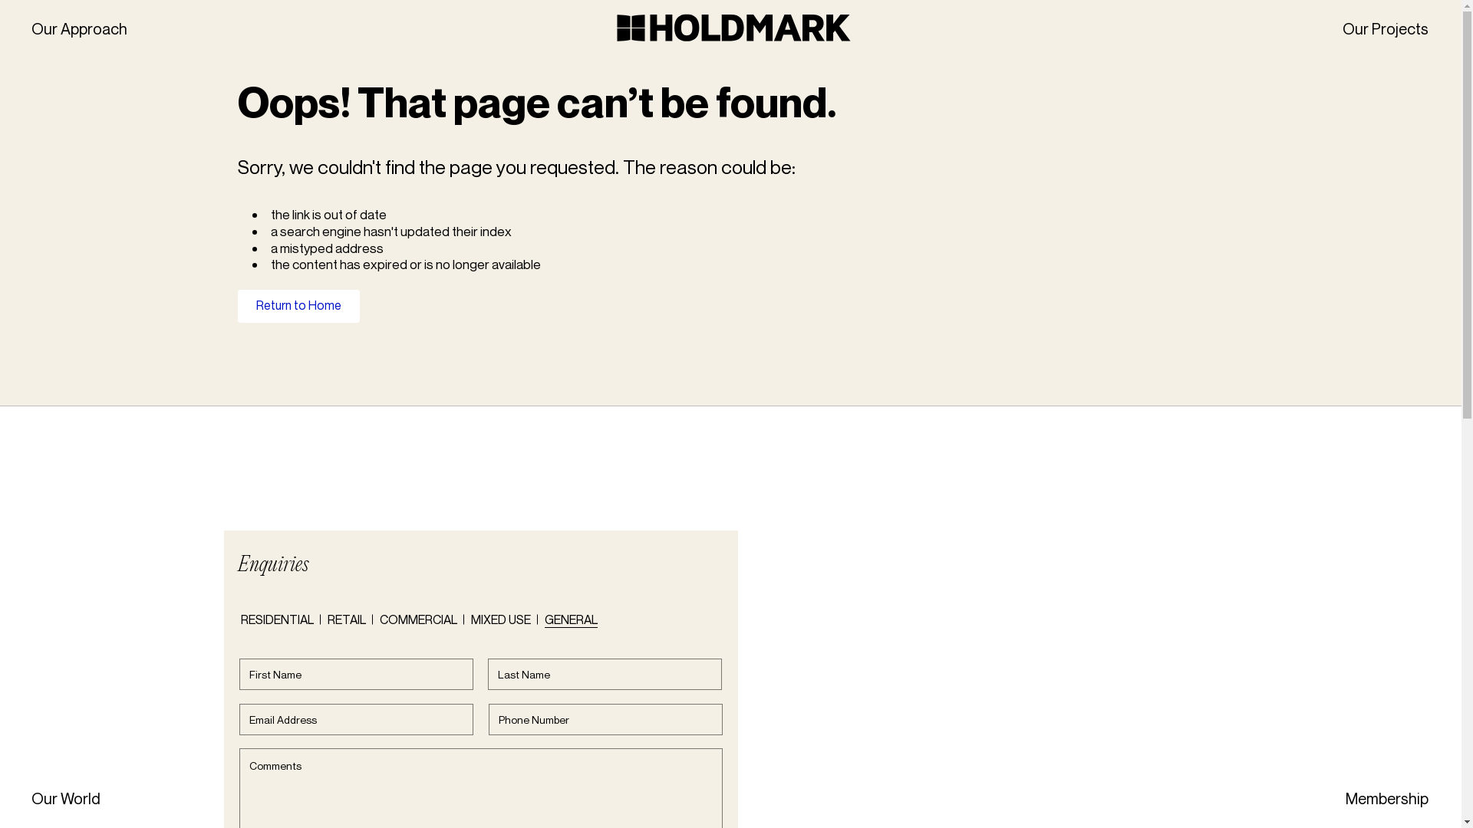 The height and width of the screenshot is (828, 1473). What do you see at coordinates (1387, 797) in the screenshot?
I see `'Membership'` at bounding box center [1387, 797].